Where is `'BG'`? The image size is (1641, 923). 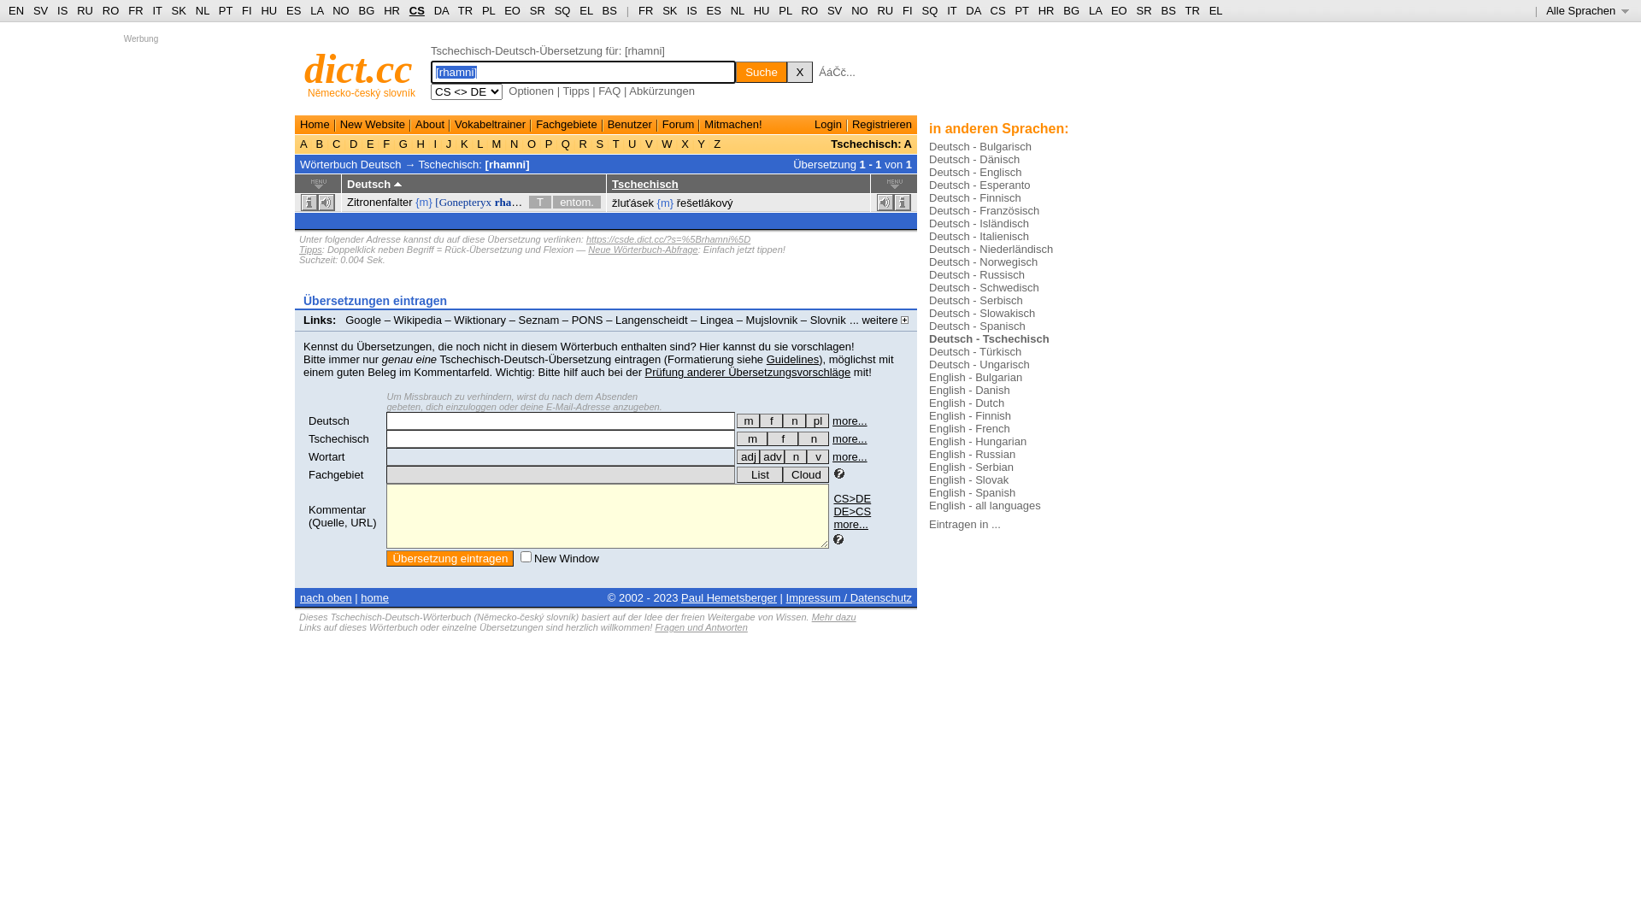
'BG' is located at coordinates (1070, 10).